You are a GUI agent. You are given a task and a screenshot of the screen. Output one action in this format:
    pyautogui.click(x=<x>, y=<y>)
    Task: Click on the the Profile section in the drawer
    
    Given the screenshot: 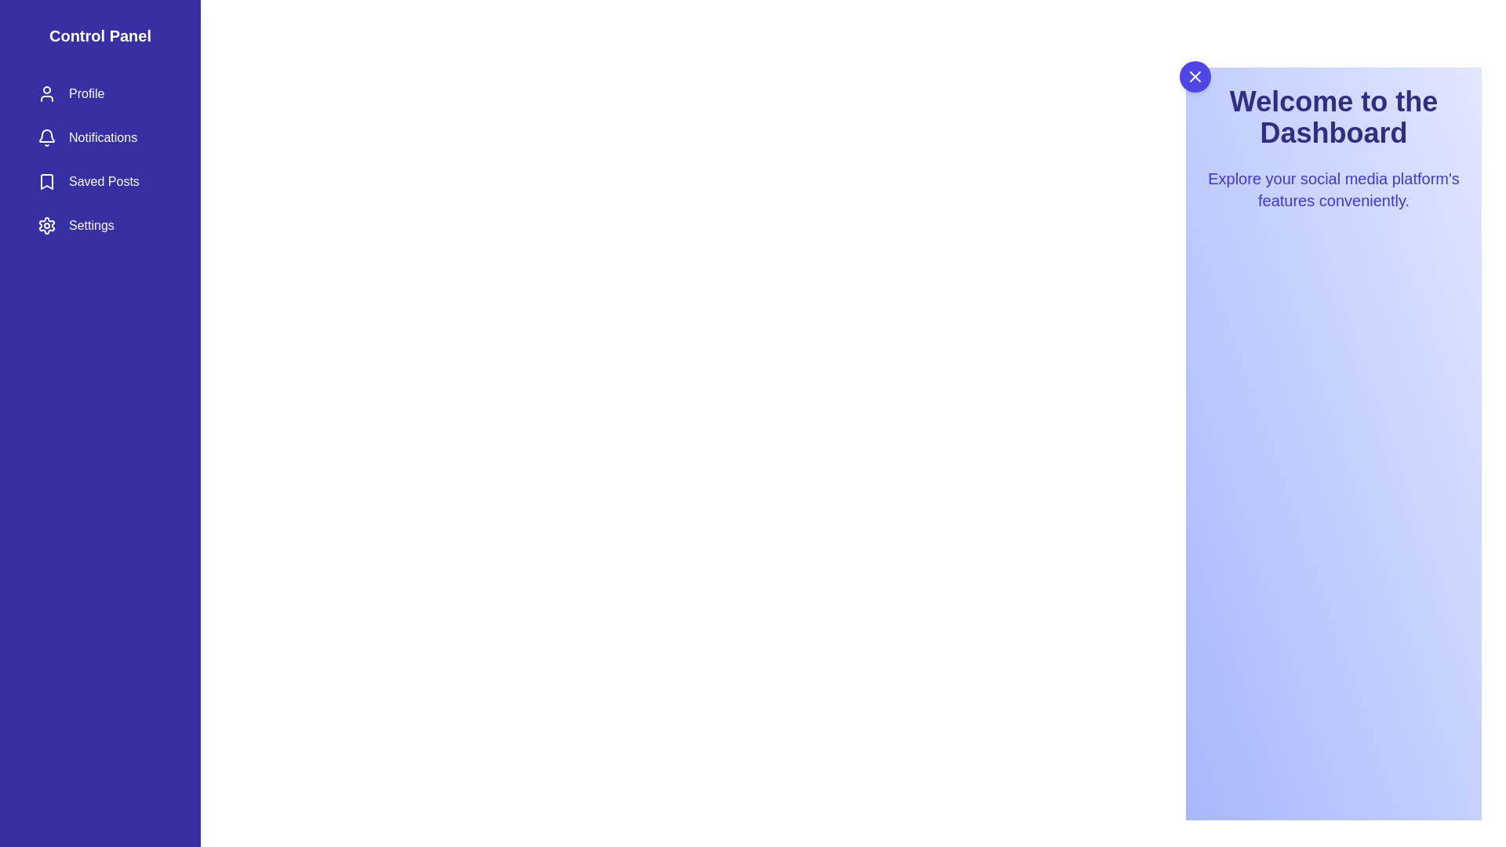 What is the action you would take?
    pyautogui.click(x=100, y=93)
    